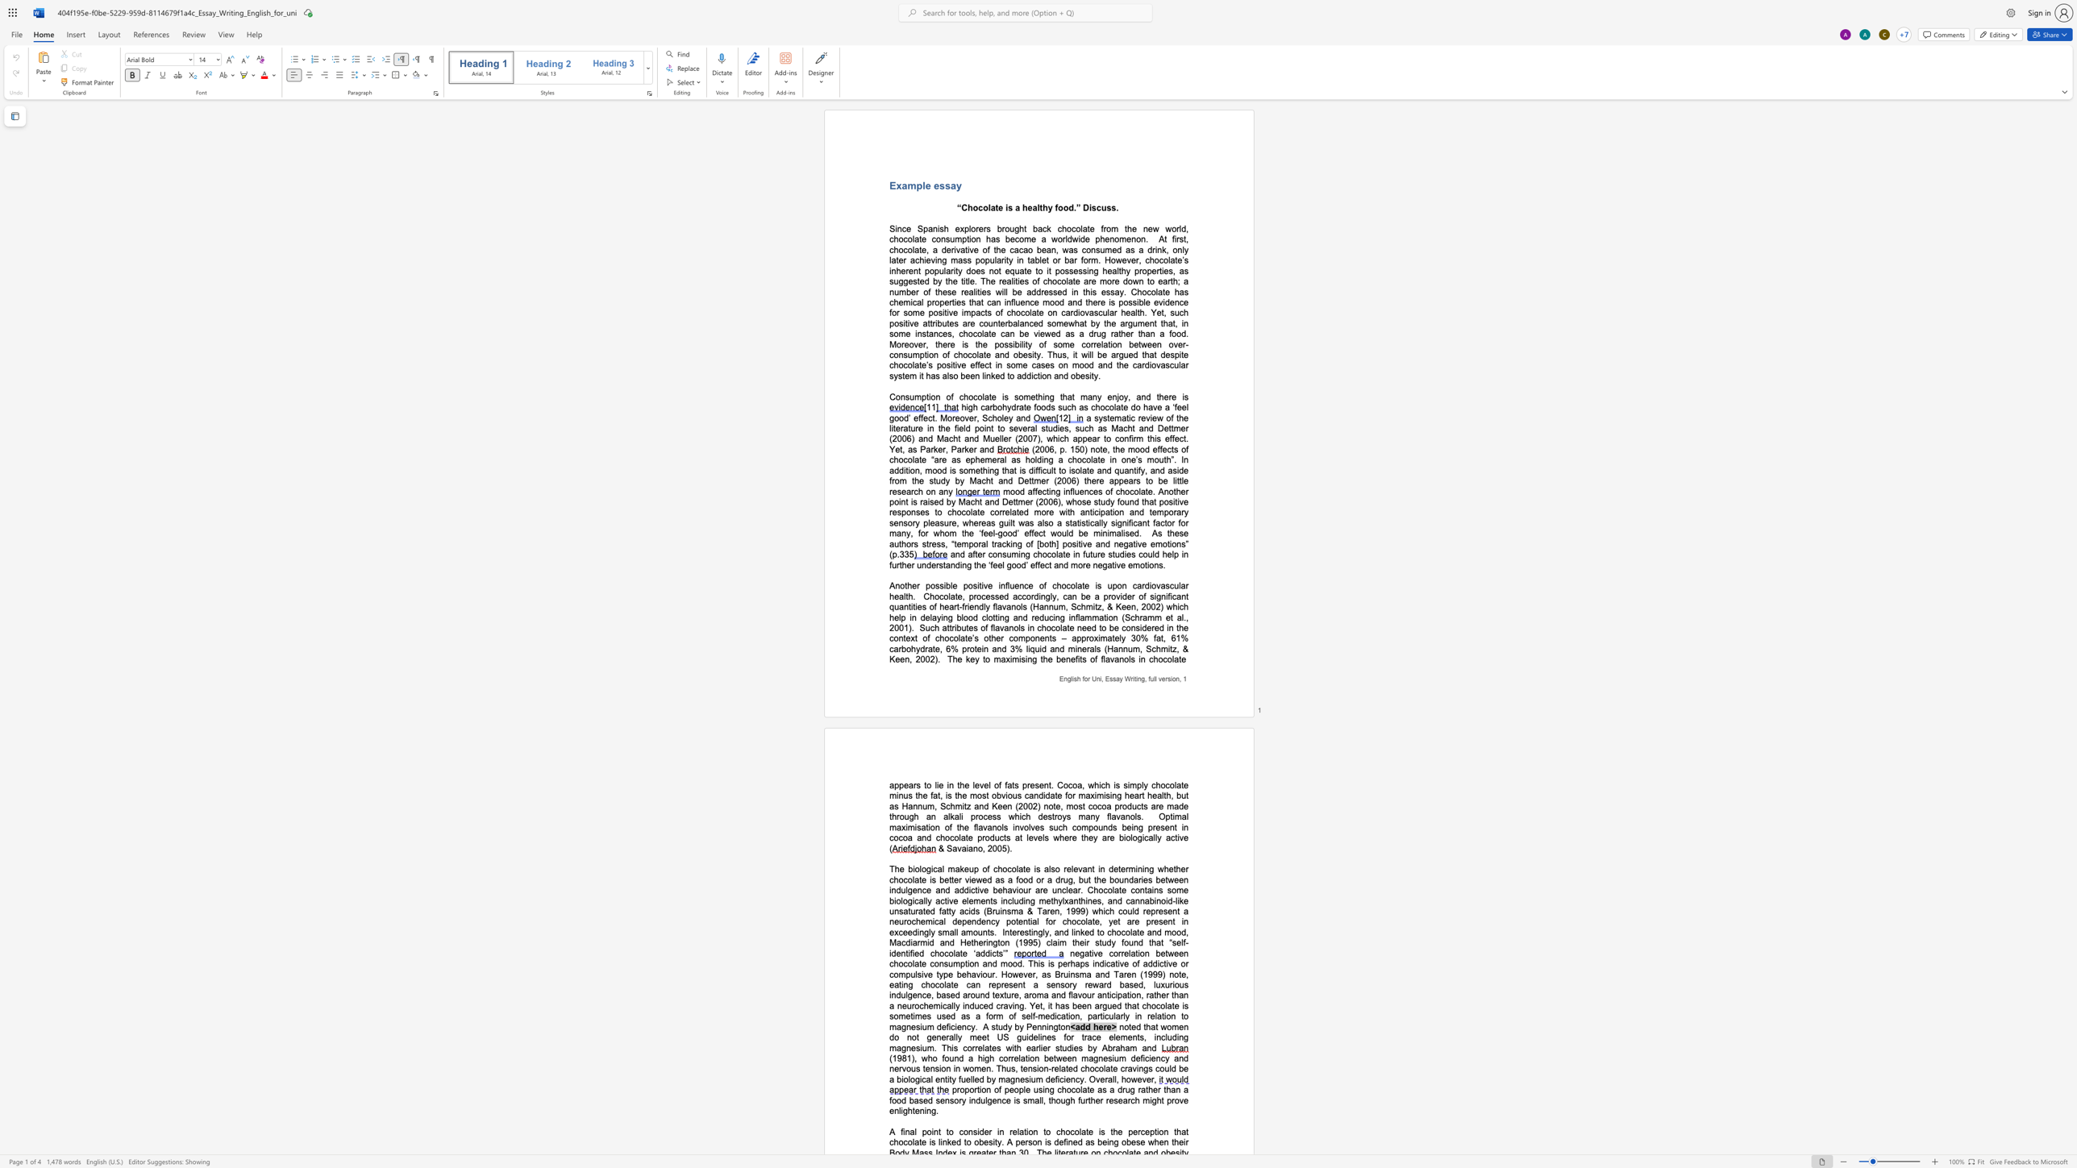 The width and height of the screenshot is (2077, 1168). I want to click on the space between the continuous character "h" and "o" in the text, so click(972, 208).